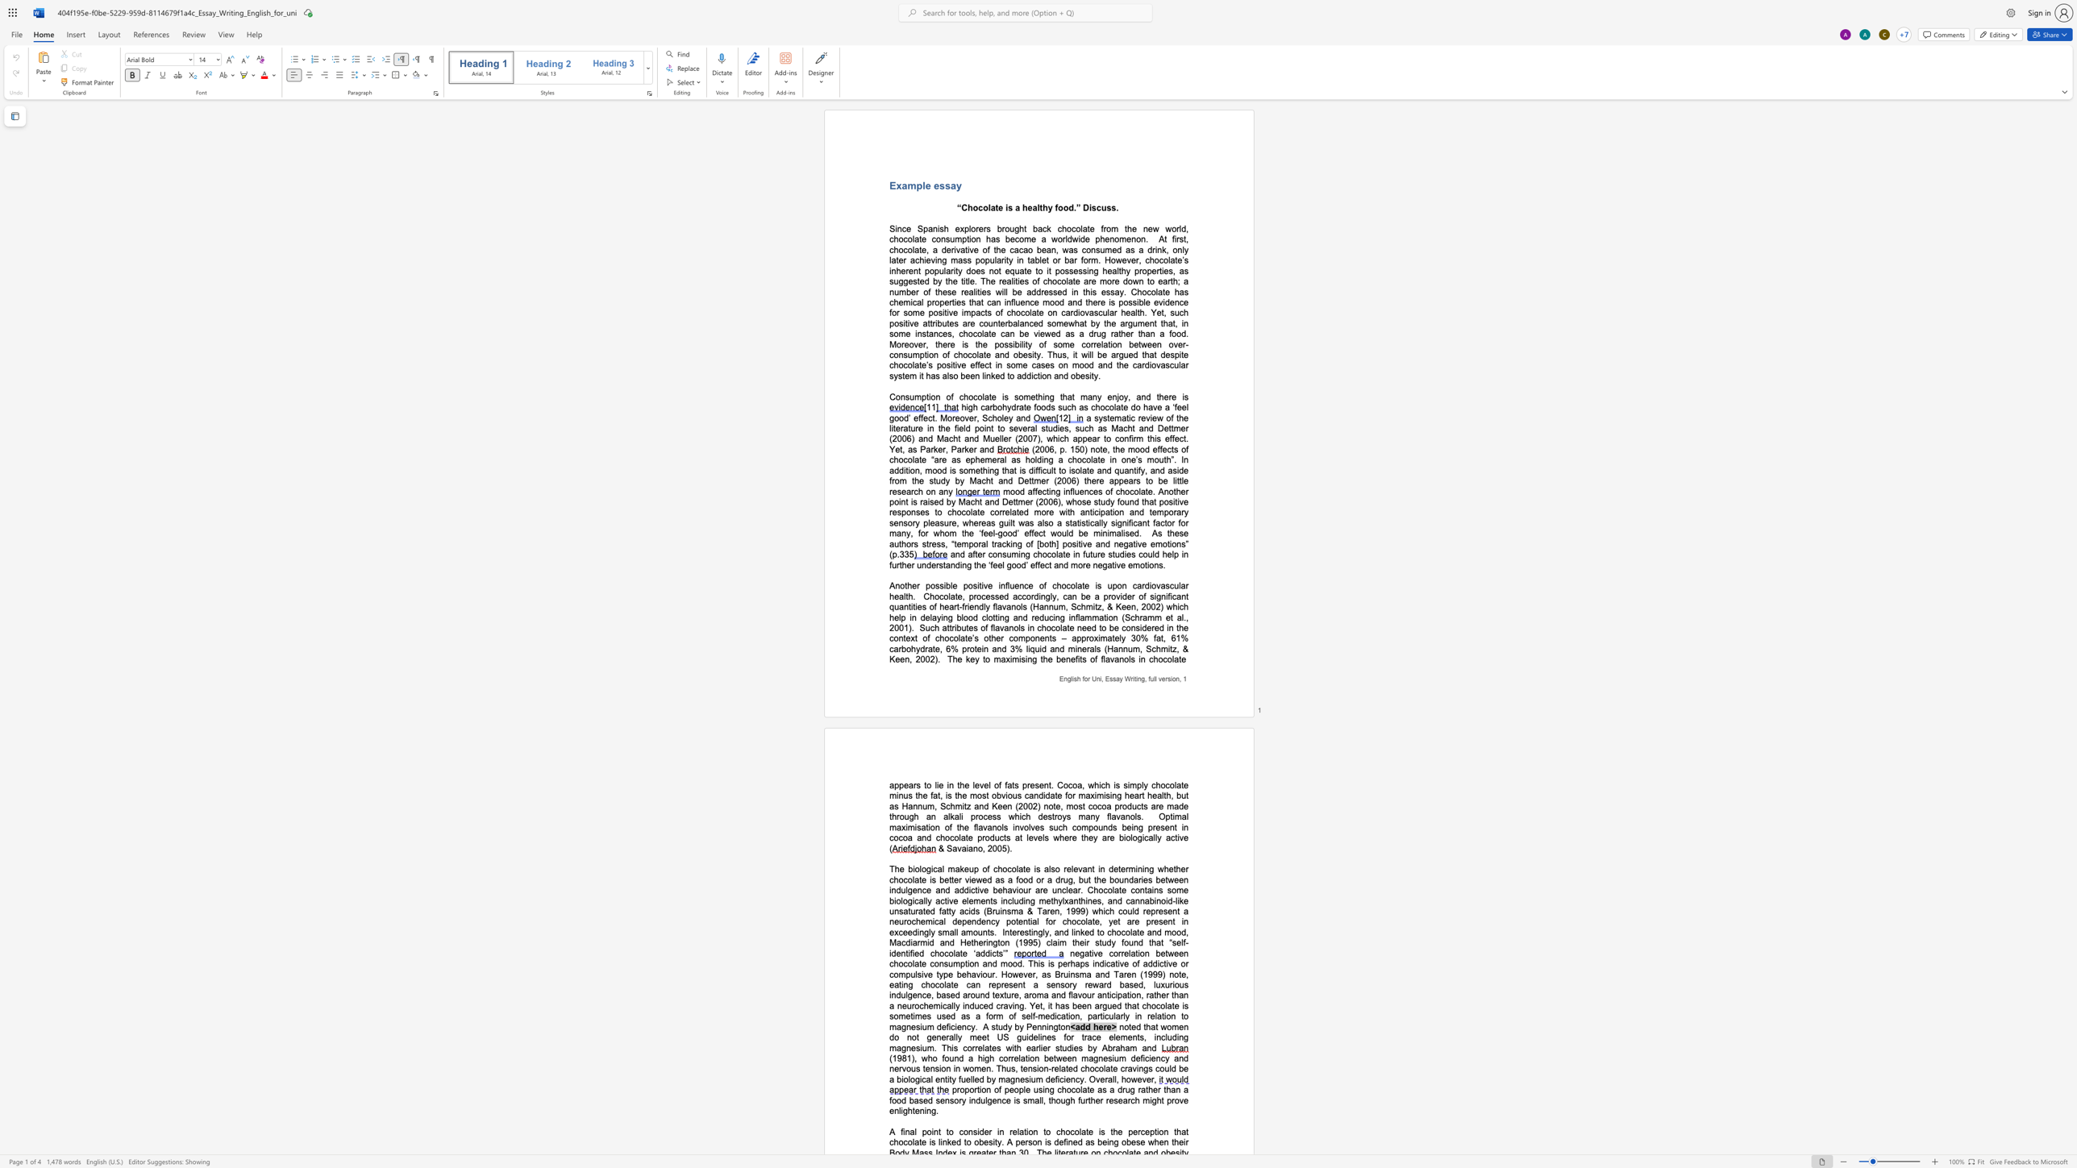 The width and height of the screenshot is (2077, 1168). I want to click on the space between the continuous character "h" and "o" in the text, so click(972, 208).